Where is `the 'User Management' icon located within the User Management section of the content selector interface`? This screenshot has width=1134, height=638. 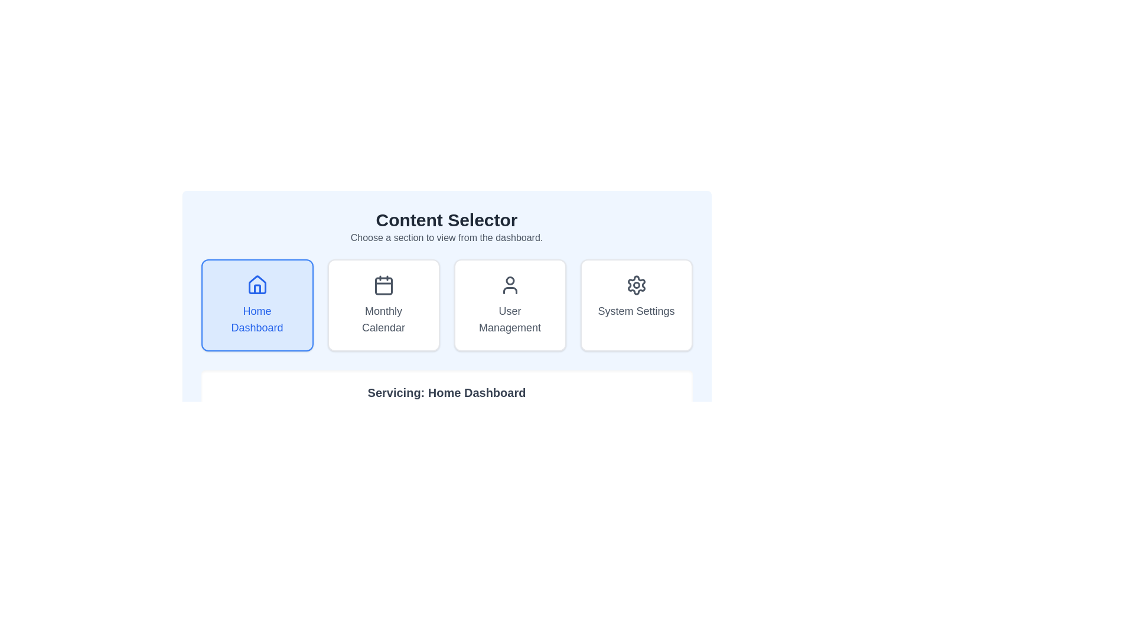
the 'User Management' icon located within the User Management section of the content selector interface is located at coordinates (510, 285).